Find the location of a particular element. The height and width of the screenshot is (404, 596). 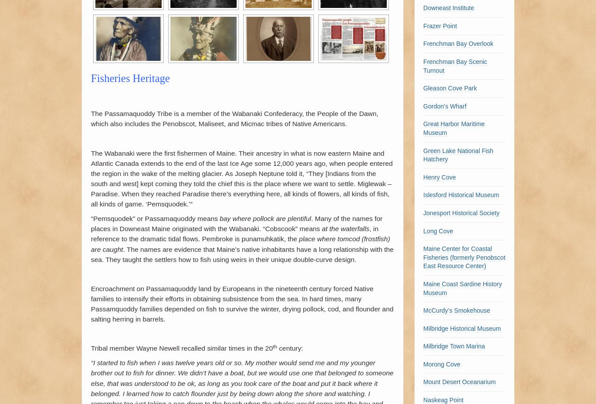

'Milbridge Town Marina' is located at coordinates (454, 346).